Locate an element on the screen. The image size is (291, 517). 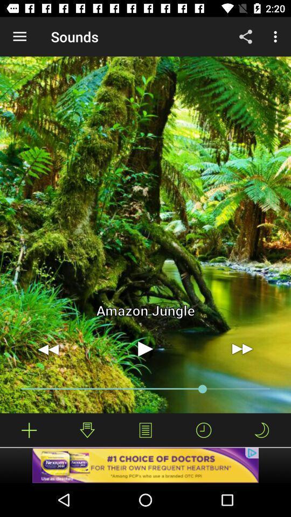
previous is located at coordinates (48, 348).